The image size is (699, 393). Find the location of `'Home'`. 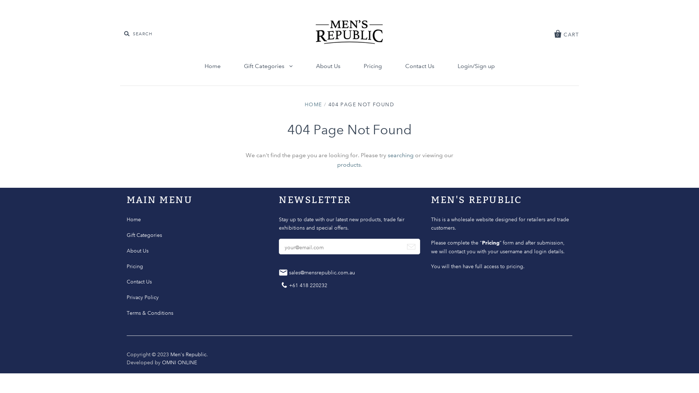

'Home' is located at coordinates (212, 66).